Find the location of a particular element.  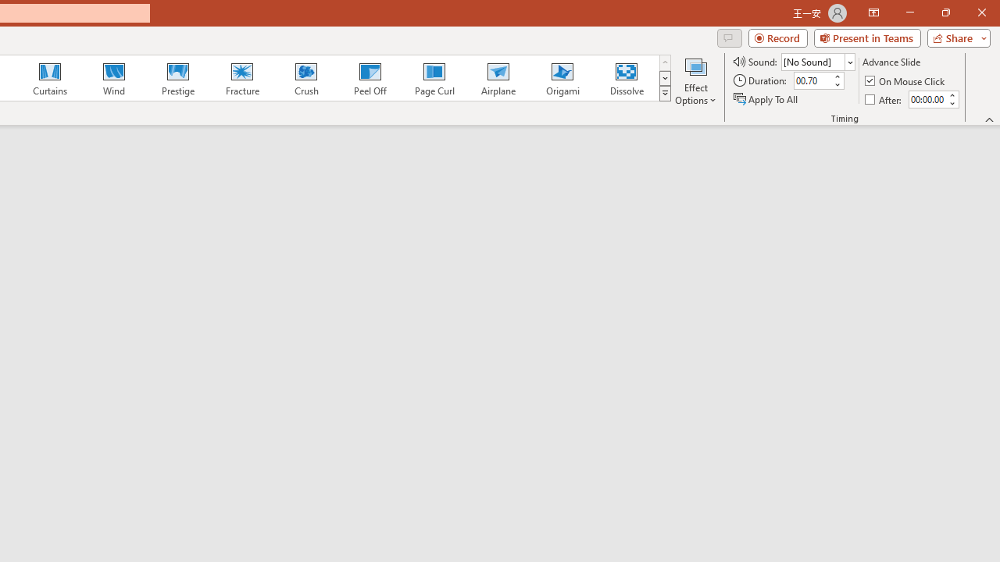

'Sound' is located at coordinates (817, 61).